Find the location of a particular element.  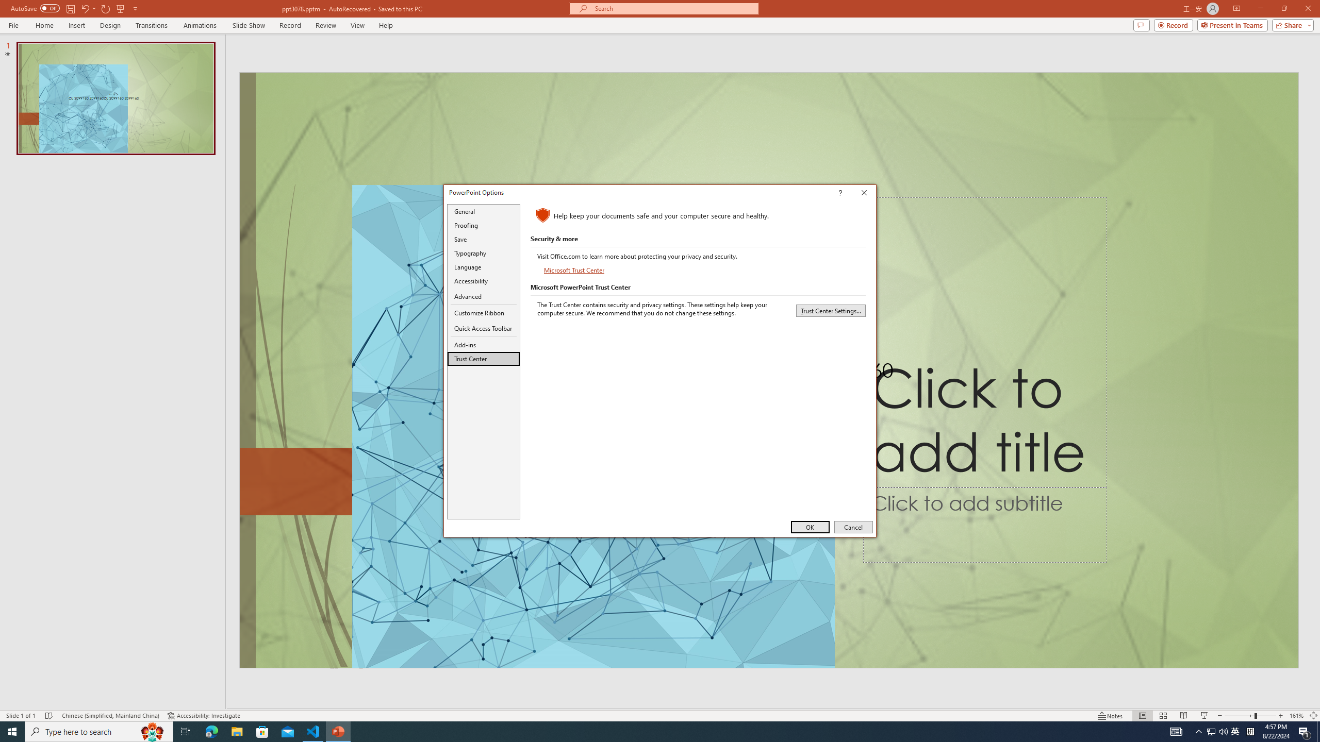

'Trust Center' is located at coordinates (483, 359).